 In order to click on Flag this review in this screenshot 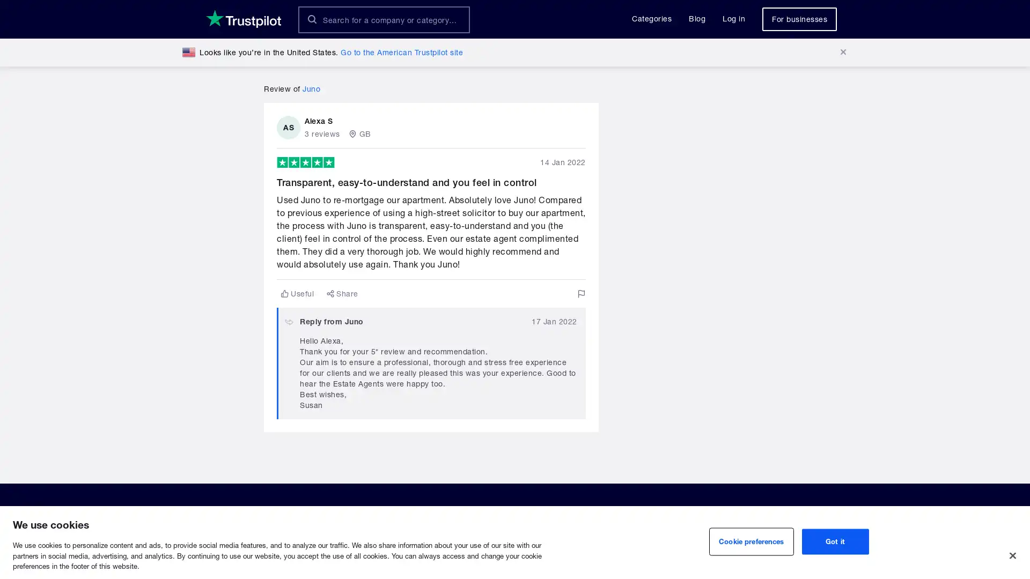, I will do `click(580, 293)`.